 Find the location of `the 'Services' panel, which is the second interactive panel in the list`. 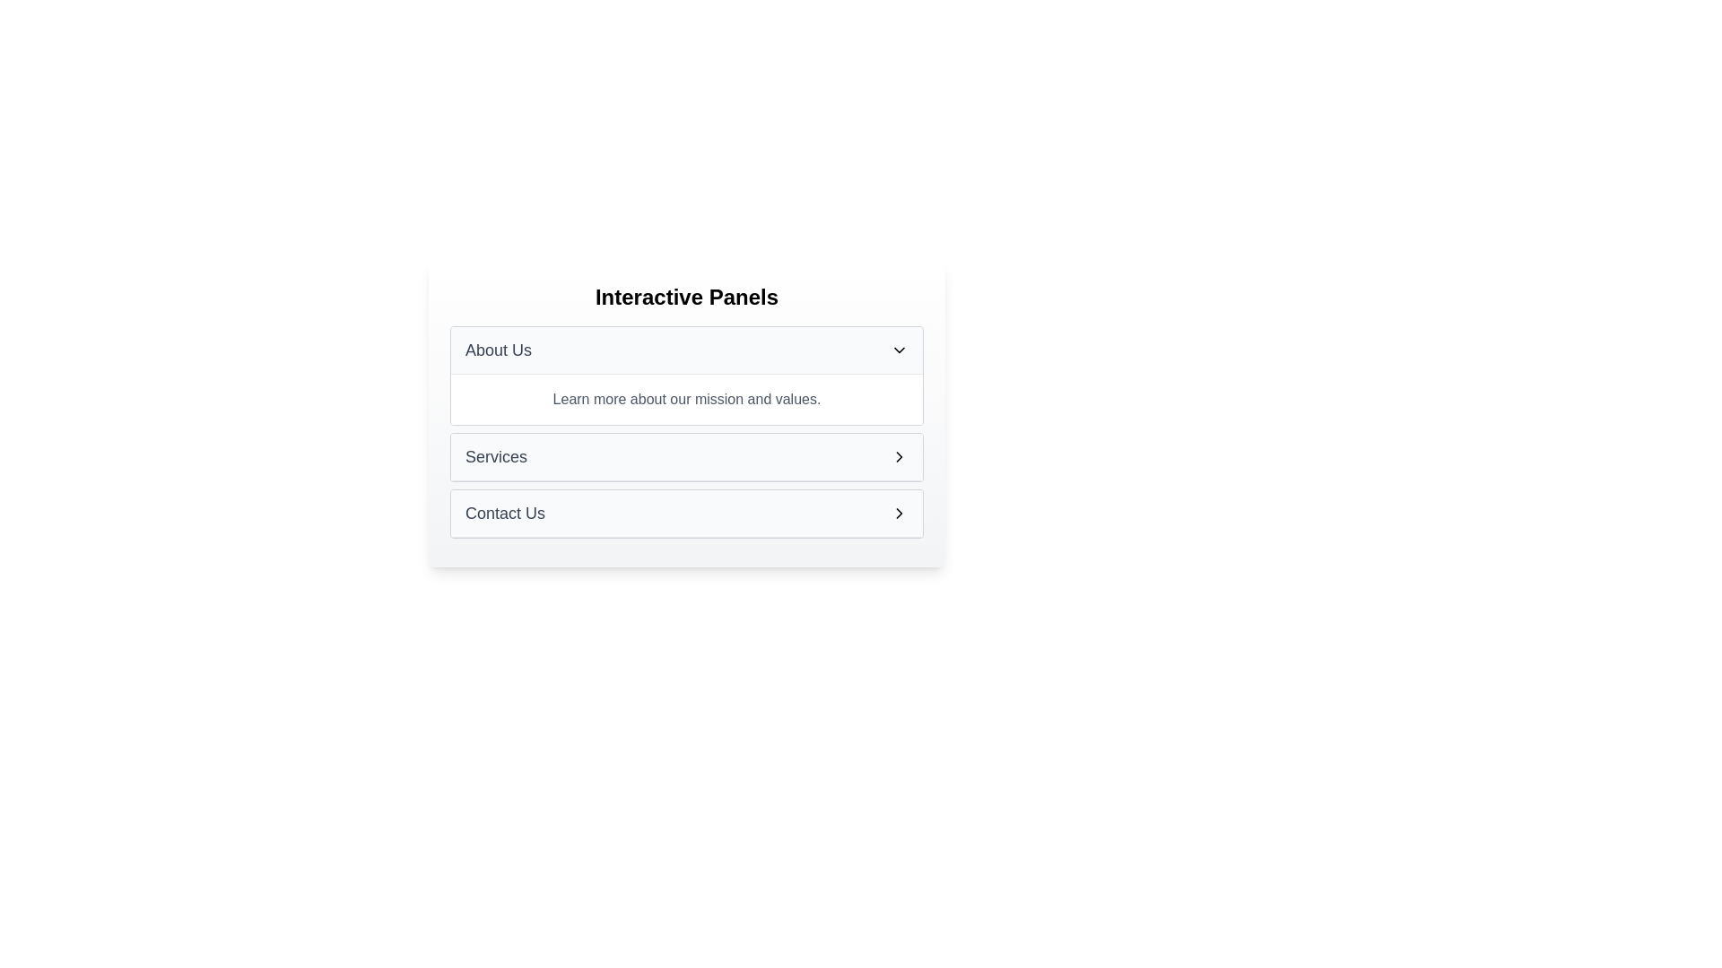

the 'Services' panel, which is the second interactive panel in the list is located at coordinates (686, 455).